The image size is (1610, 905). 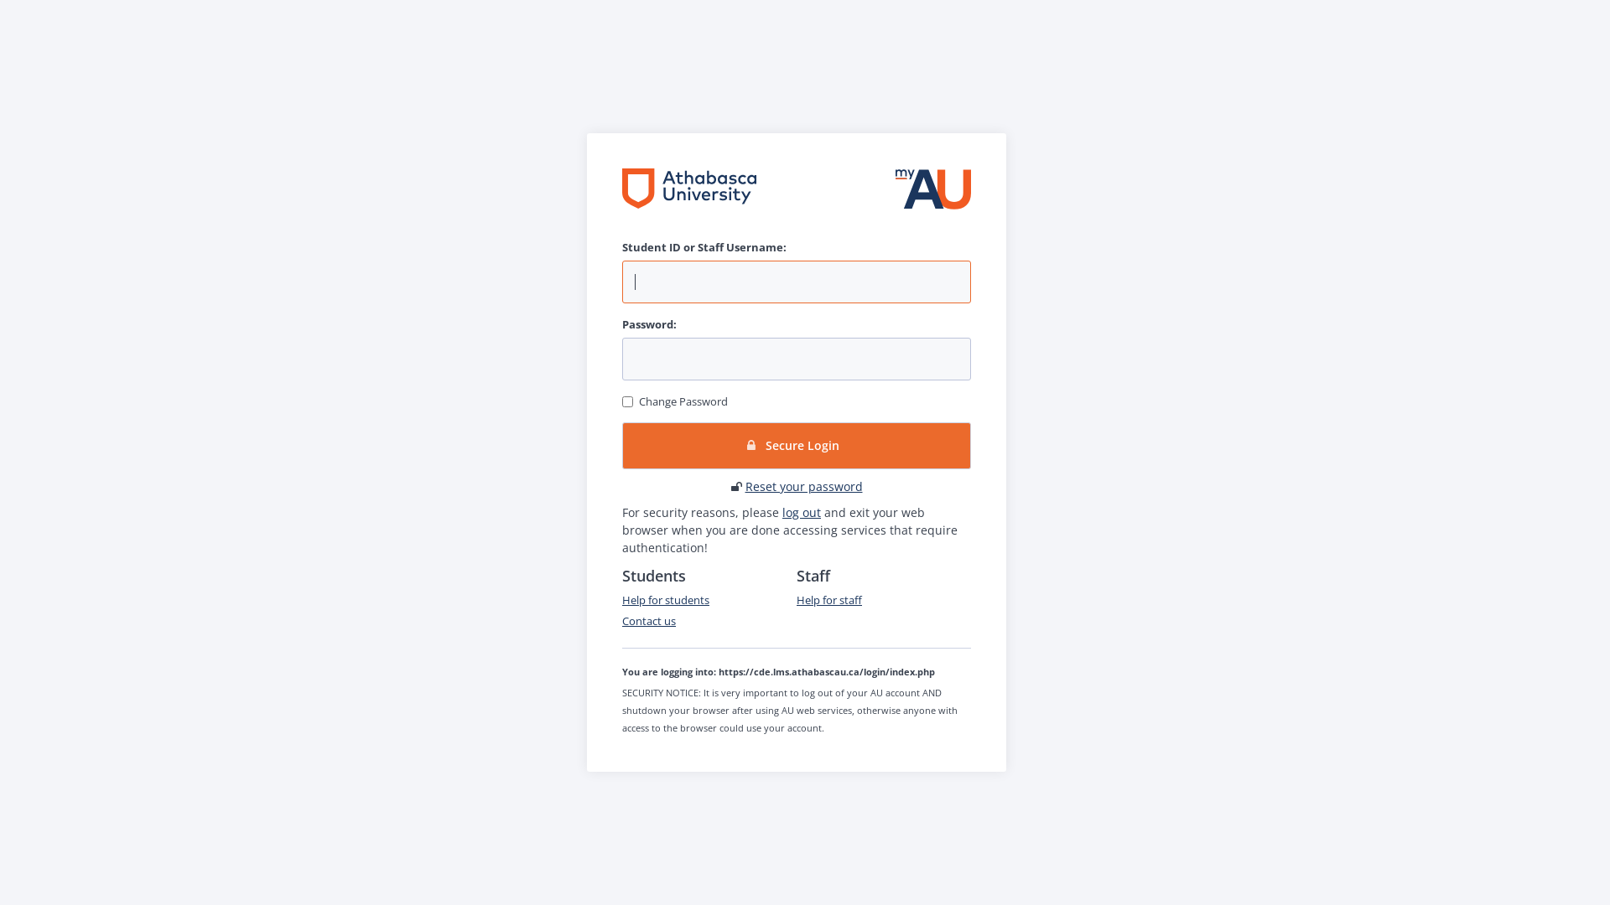 What do you see at coordinates (802, 486) in the screenshot?
I see `'Reset your password'` at bounding box center [802, 486].